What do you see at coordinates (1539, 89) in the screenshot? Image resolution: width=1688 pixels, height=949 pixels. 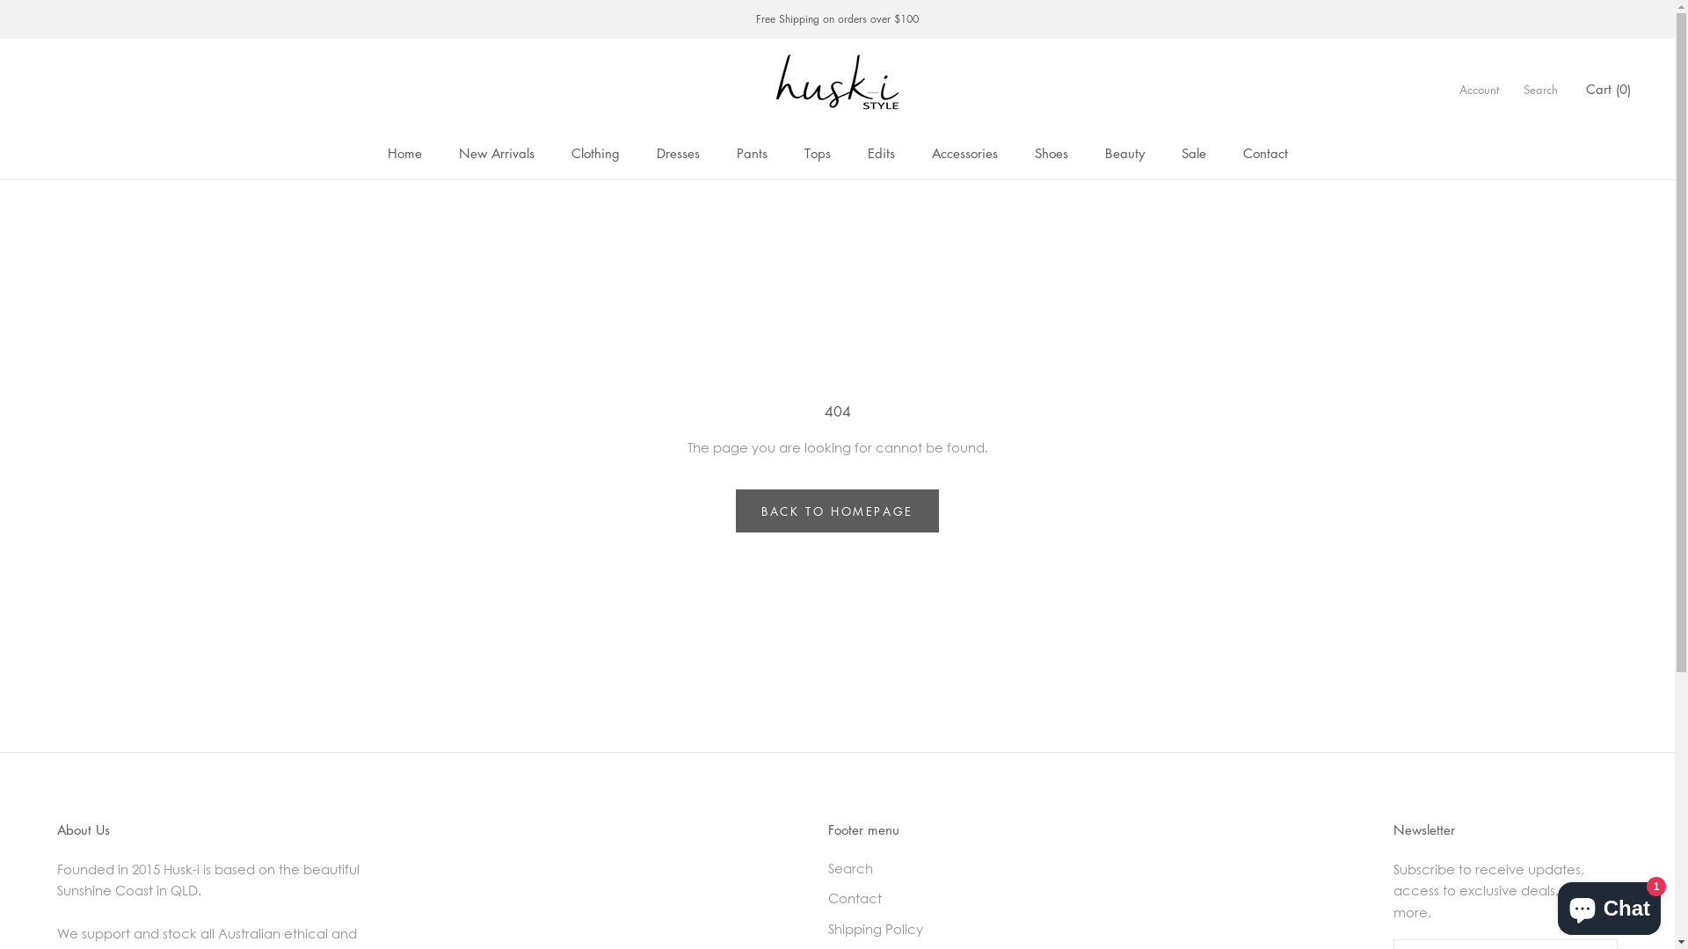 I see `'Search'` at bounding box center [1539, 89].